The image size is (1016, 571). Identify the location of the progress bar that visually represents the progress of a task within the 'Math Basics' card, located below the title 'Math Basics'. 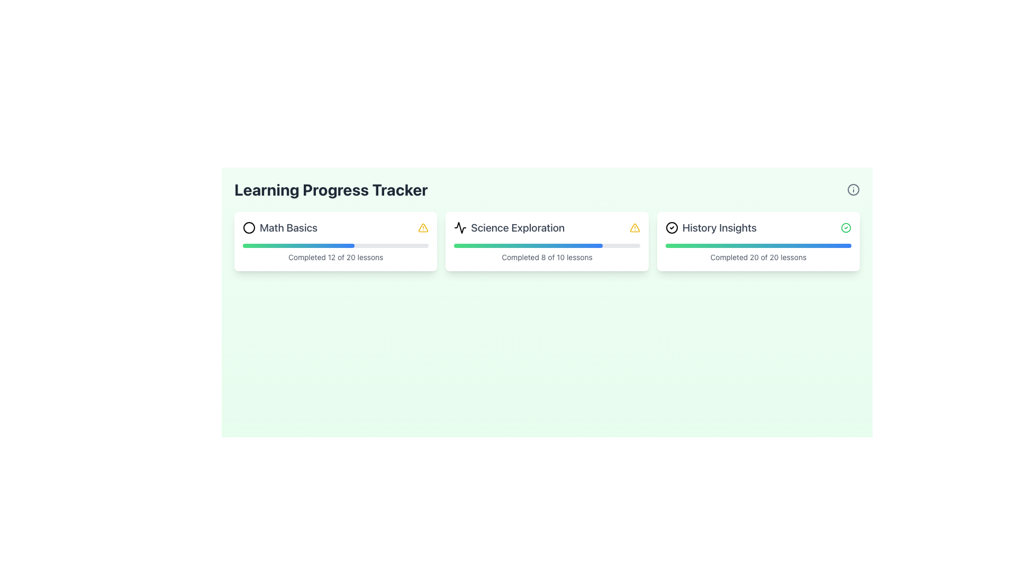
(298, 246).